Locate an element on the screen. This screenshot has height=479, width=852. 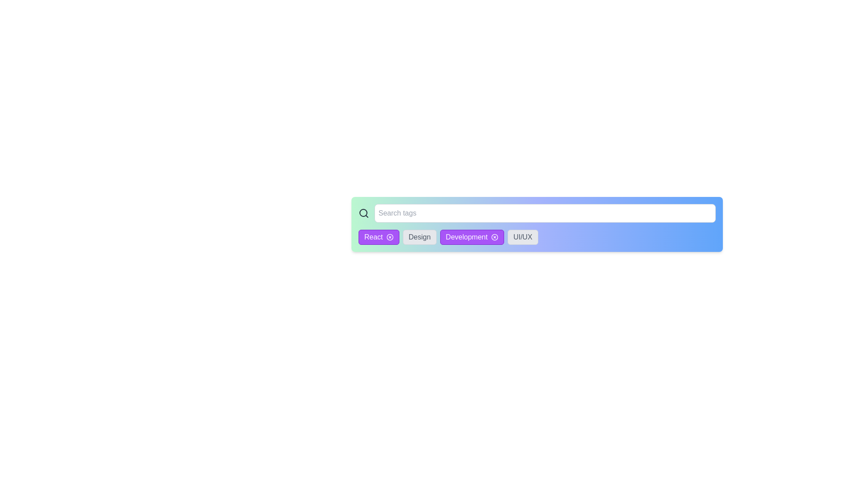
the tag with label Design to observe its hover effect is located at coordinates (419, 237).